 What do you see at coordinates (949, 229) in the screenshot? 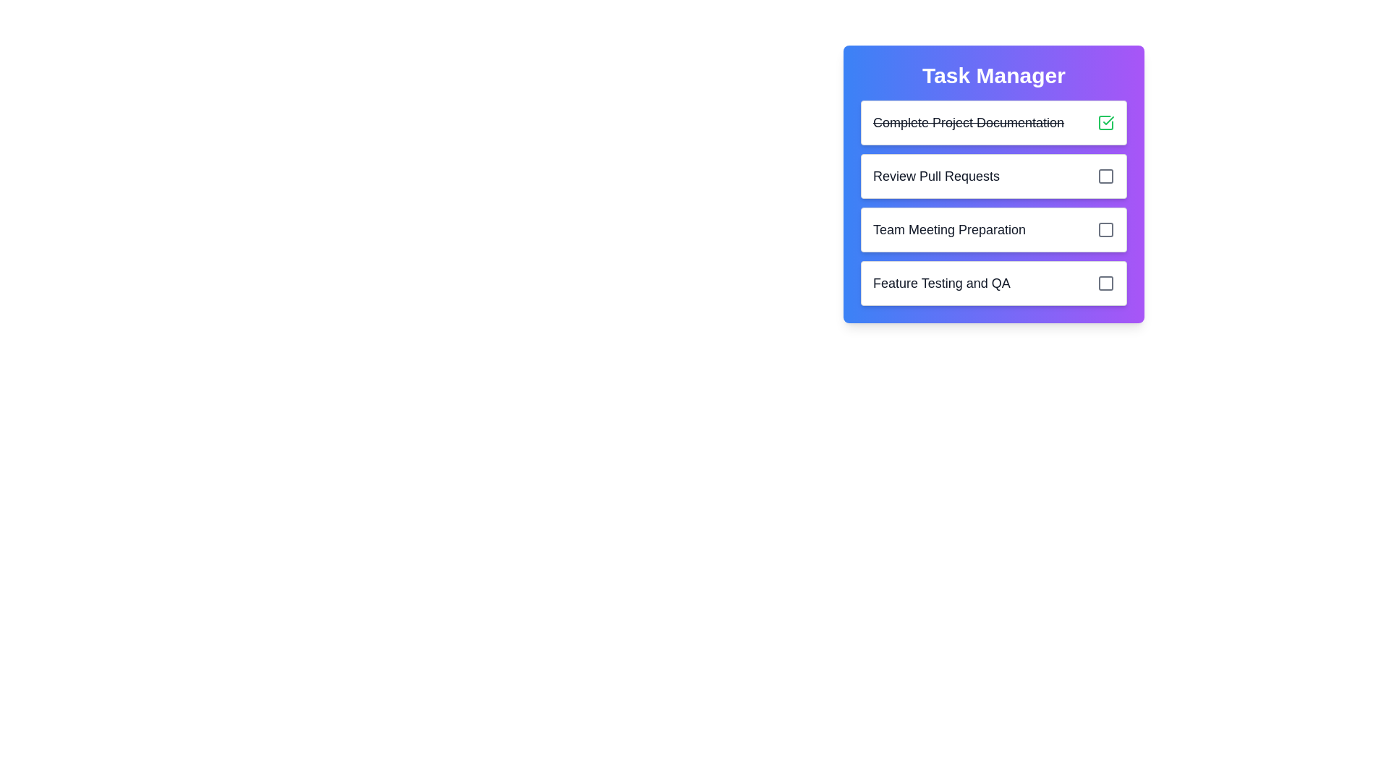
I see `text label that serves as a descriptive title for a specific task, positioned as the third item in a task management interface, located to the left of a checkbox` at bounding box center [949, 229].